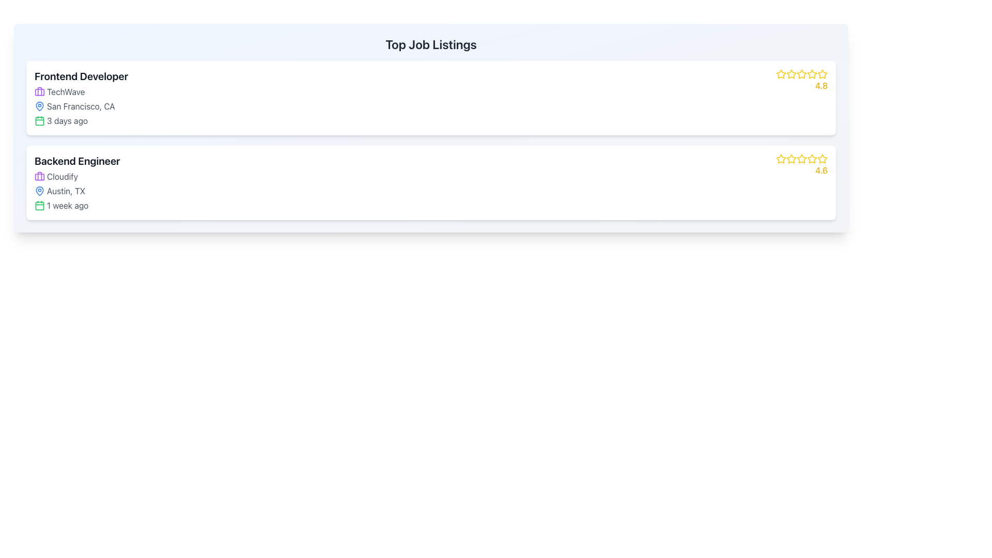 Image resolution: width=992 pixels, height=558 pixels. What do you see at coordinates (81, 98) in the screenshot?
I see `the Text and Icon Group containing the title 'Frontend Developer', the company name 'TechWave', location 'San Francisco, CA', and the date '3 days ago'` at bounding box center [81, 98].